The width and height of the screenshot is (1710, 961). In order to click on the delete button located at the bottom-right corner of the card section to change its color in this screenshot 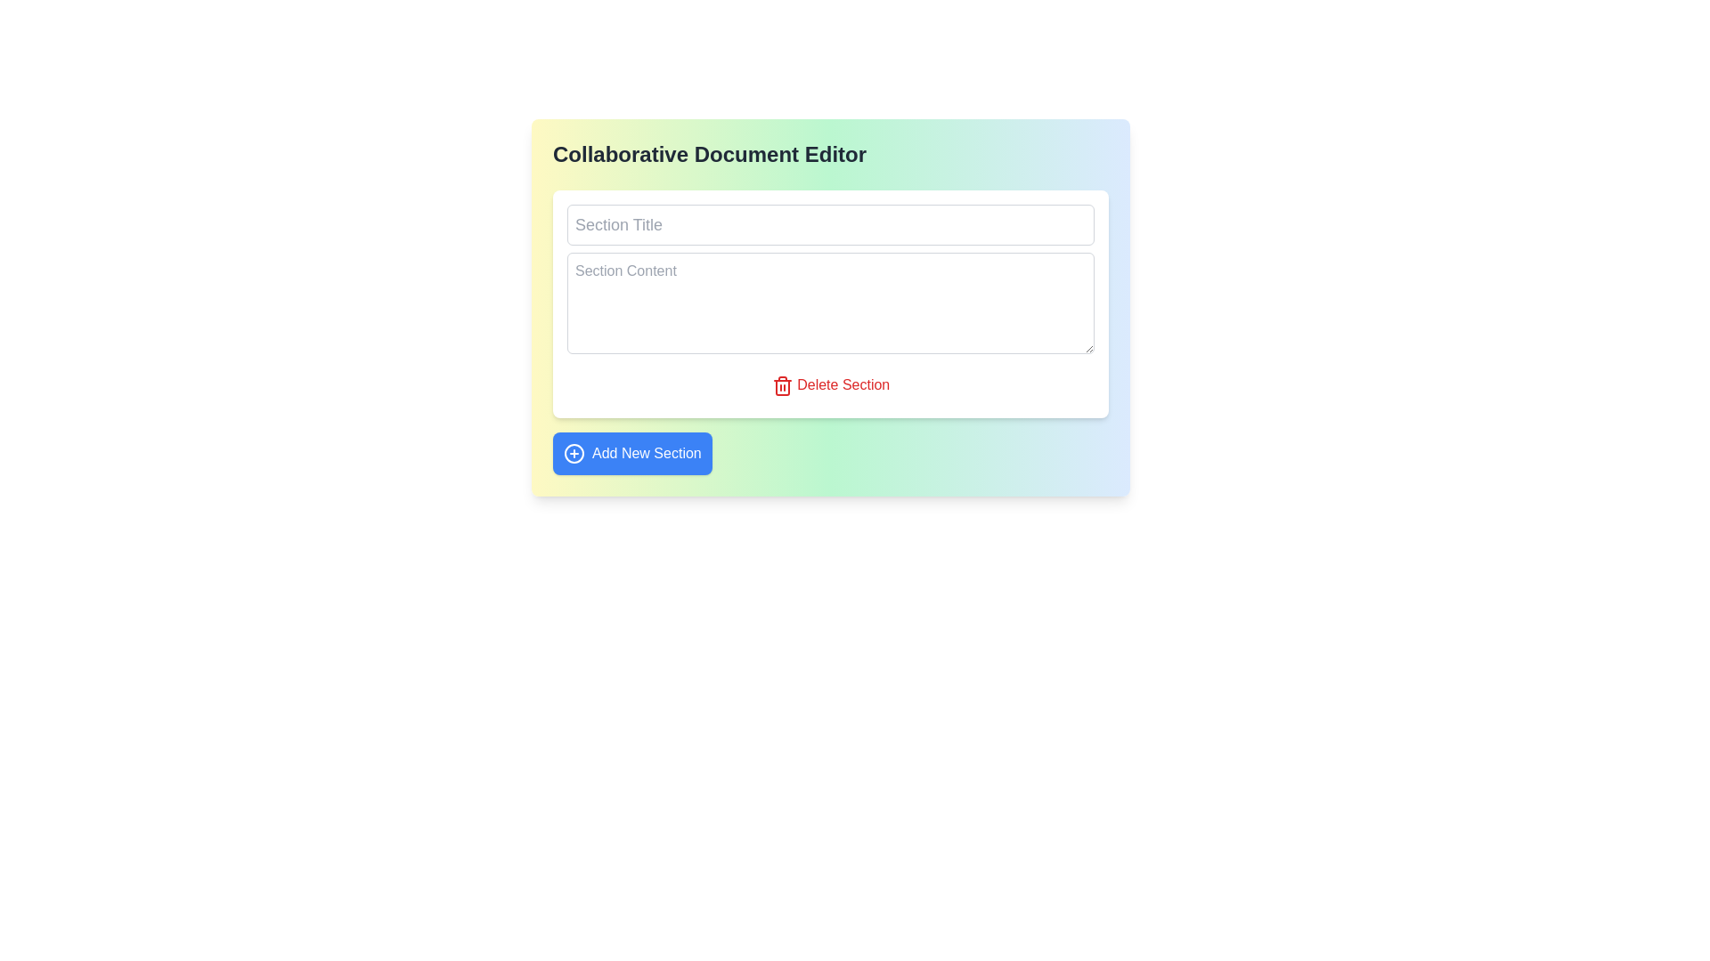, I will do `click(829, 384)`.